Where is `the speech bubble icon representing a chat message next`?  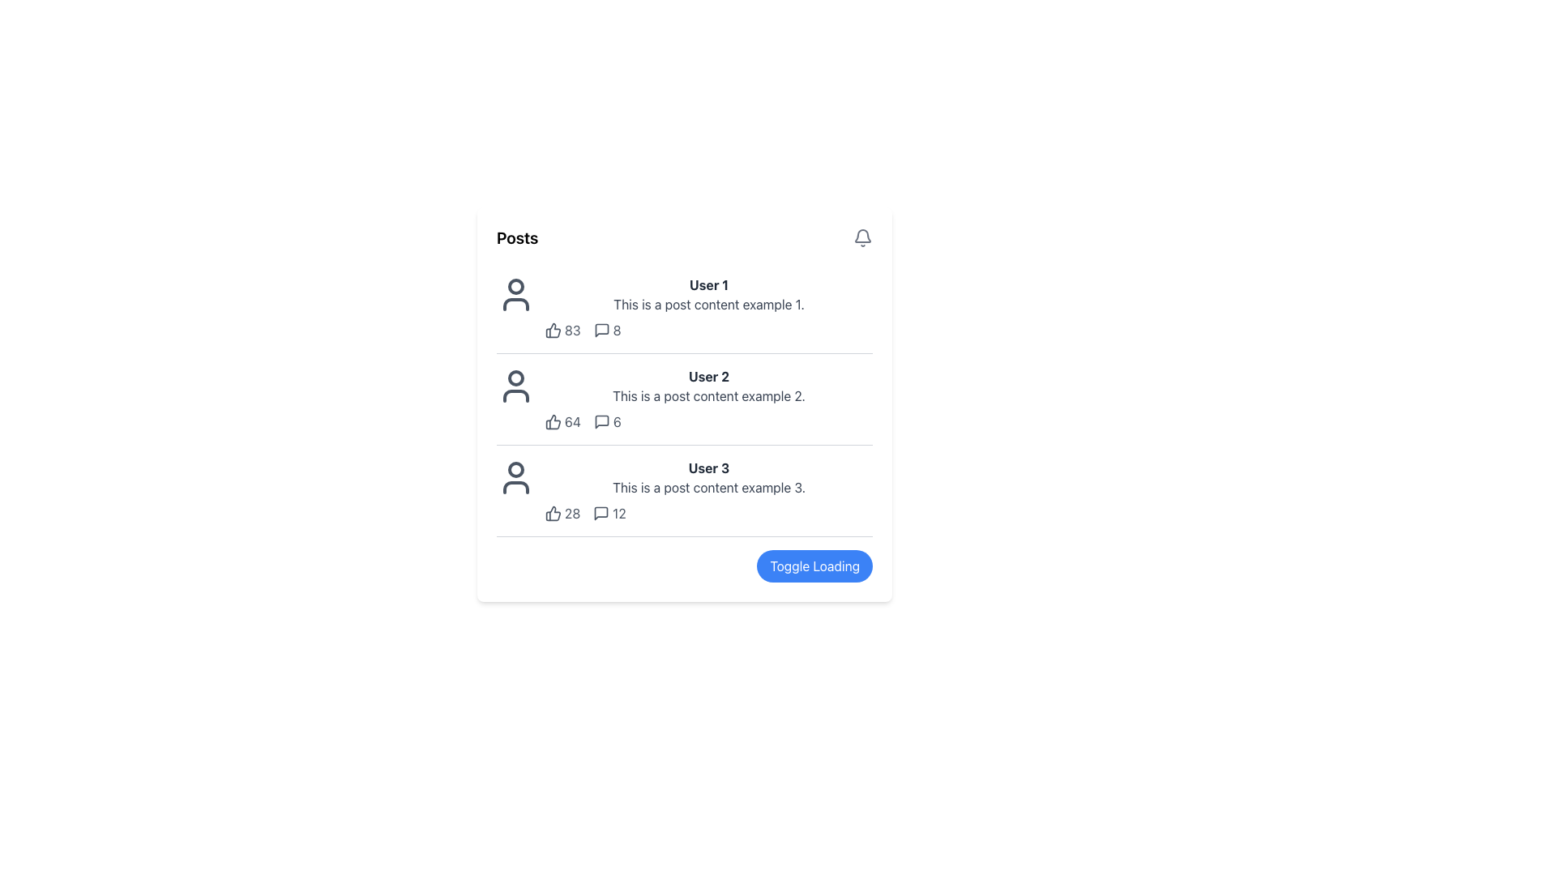
the speech bubble icon representing a chat message next is located at coordinates (601, 420).